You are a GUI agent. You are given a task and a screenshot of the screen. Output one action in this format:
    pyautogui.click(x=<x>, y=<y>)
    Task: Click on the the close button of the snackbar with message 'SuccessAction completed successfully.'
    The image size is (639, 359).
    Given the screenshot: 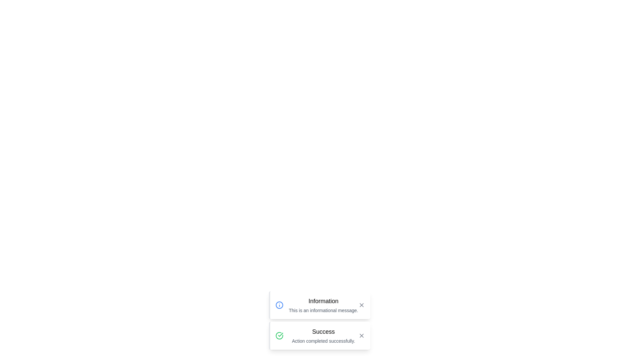 What is the action you would take?
    pyautogui.click(x=361, y=336)
    